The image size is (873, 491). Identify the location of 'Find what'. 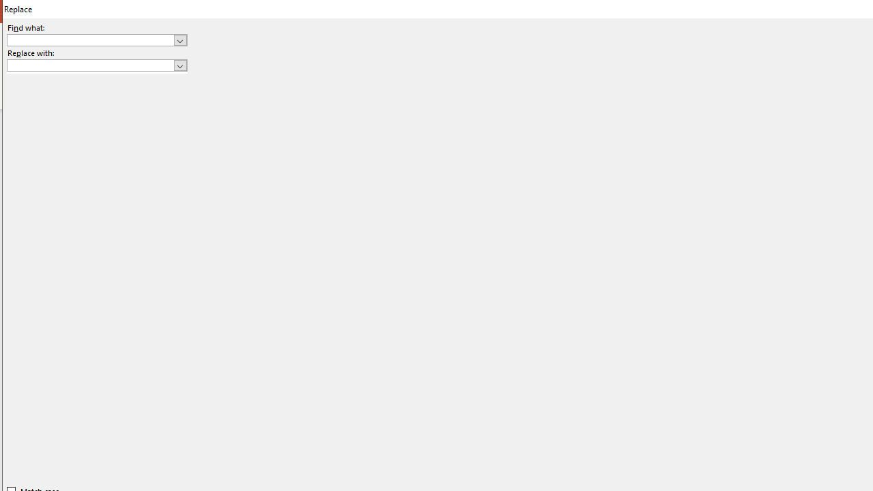
(90, 40).